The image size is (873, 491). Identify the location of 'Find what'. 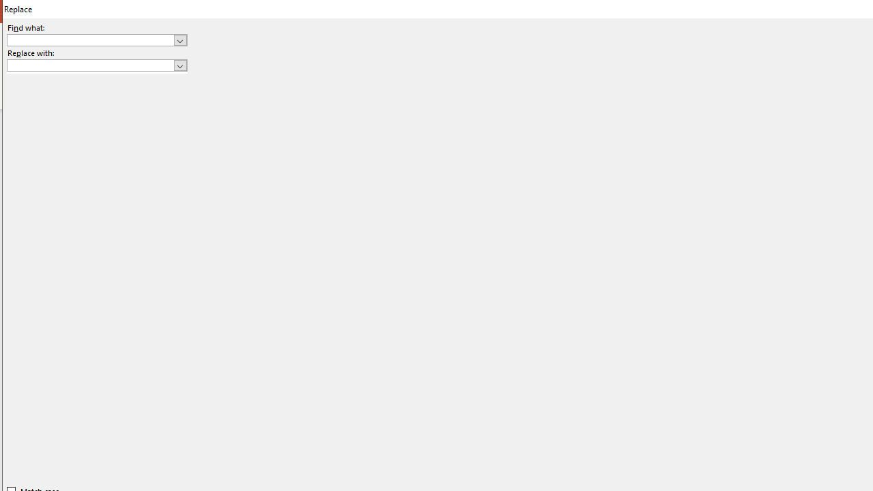
(90, 40).